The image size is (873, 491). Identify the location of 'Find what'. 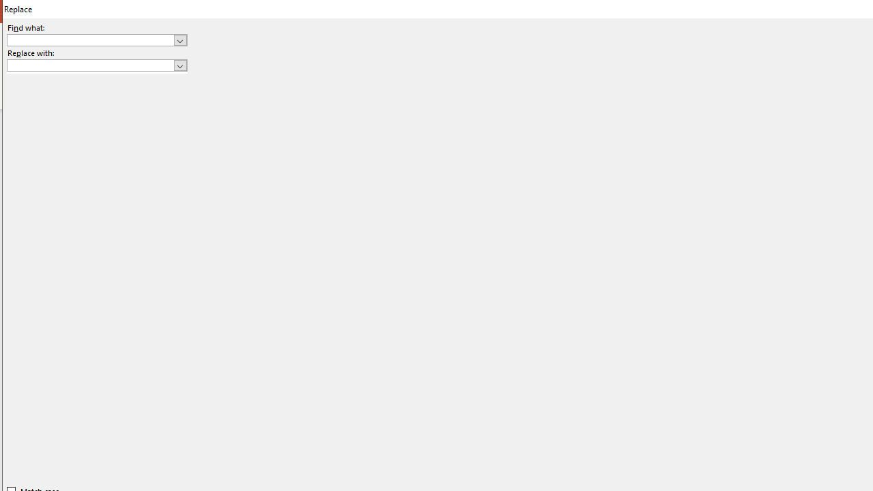
(90, 40).